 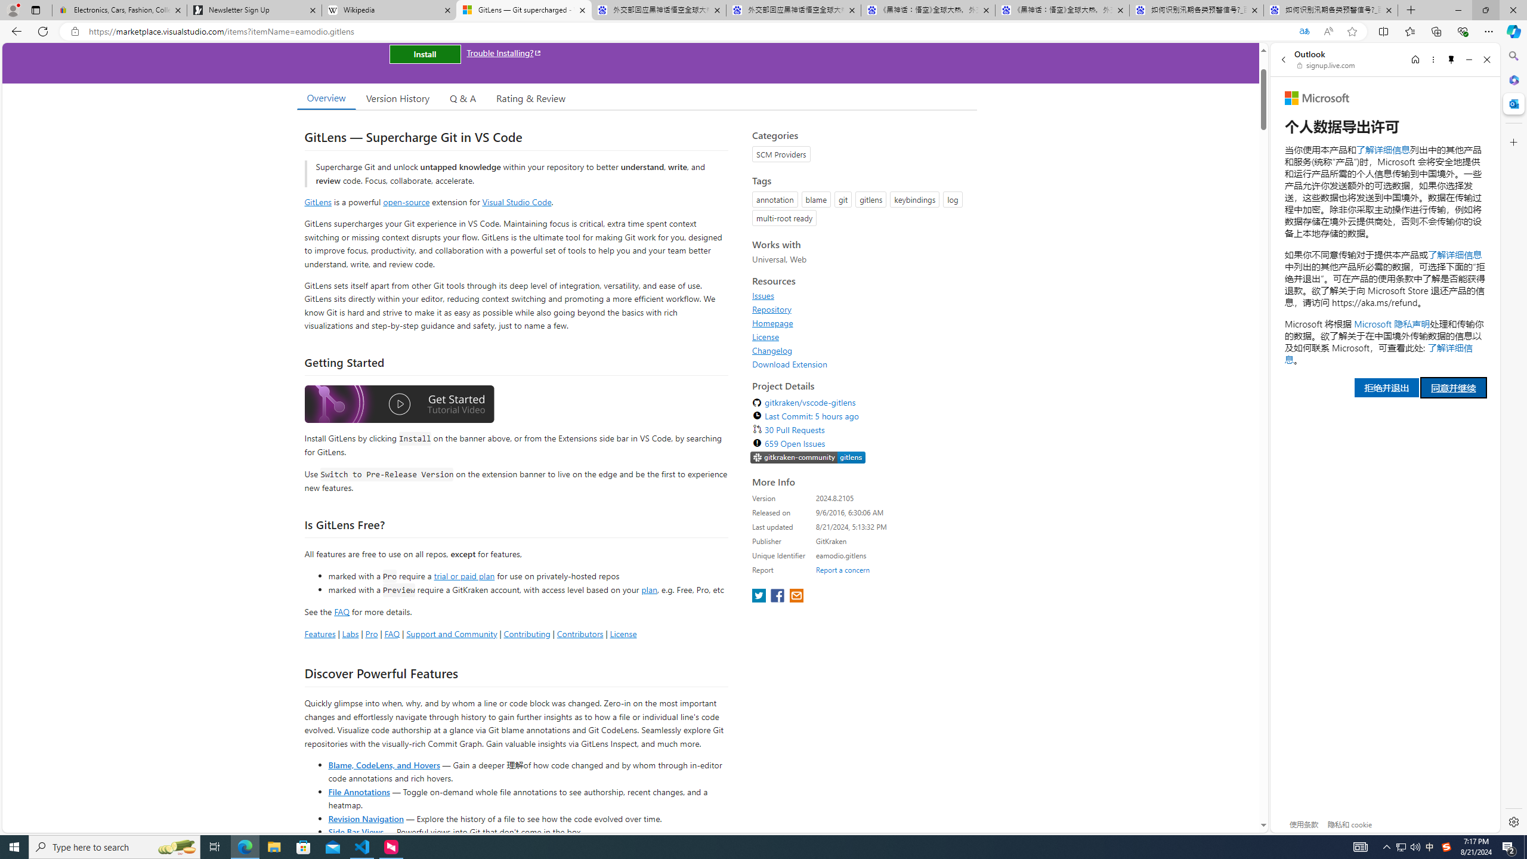 I want to click on 'Translated', so click(x=1303, y=32).